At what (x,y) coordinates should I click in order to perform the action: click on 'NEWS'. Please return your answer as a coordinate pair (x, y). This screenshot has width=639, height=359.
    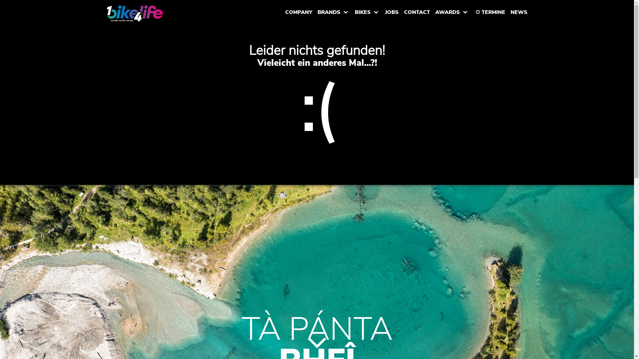
    Looking at the image, I should click on (519, 12).